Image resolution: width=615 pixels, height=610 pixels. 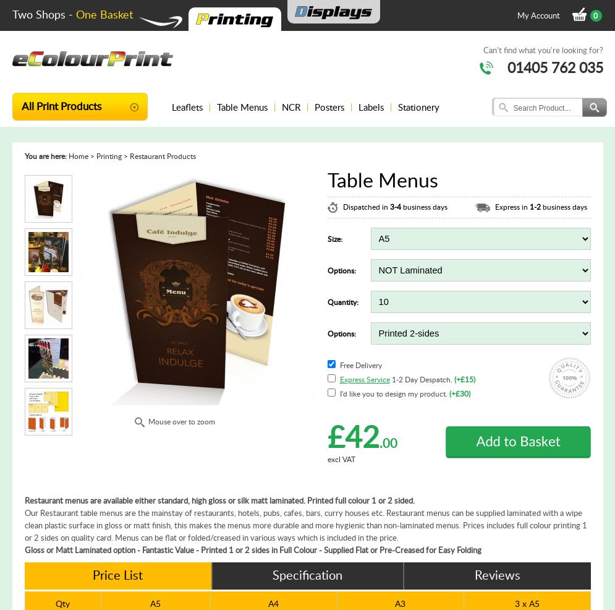 What do you see at coordinates (271, 575) in the screenshot?
I see `'Specification'` at bounding box center [271, 575].